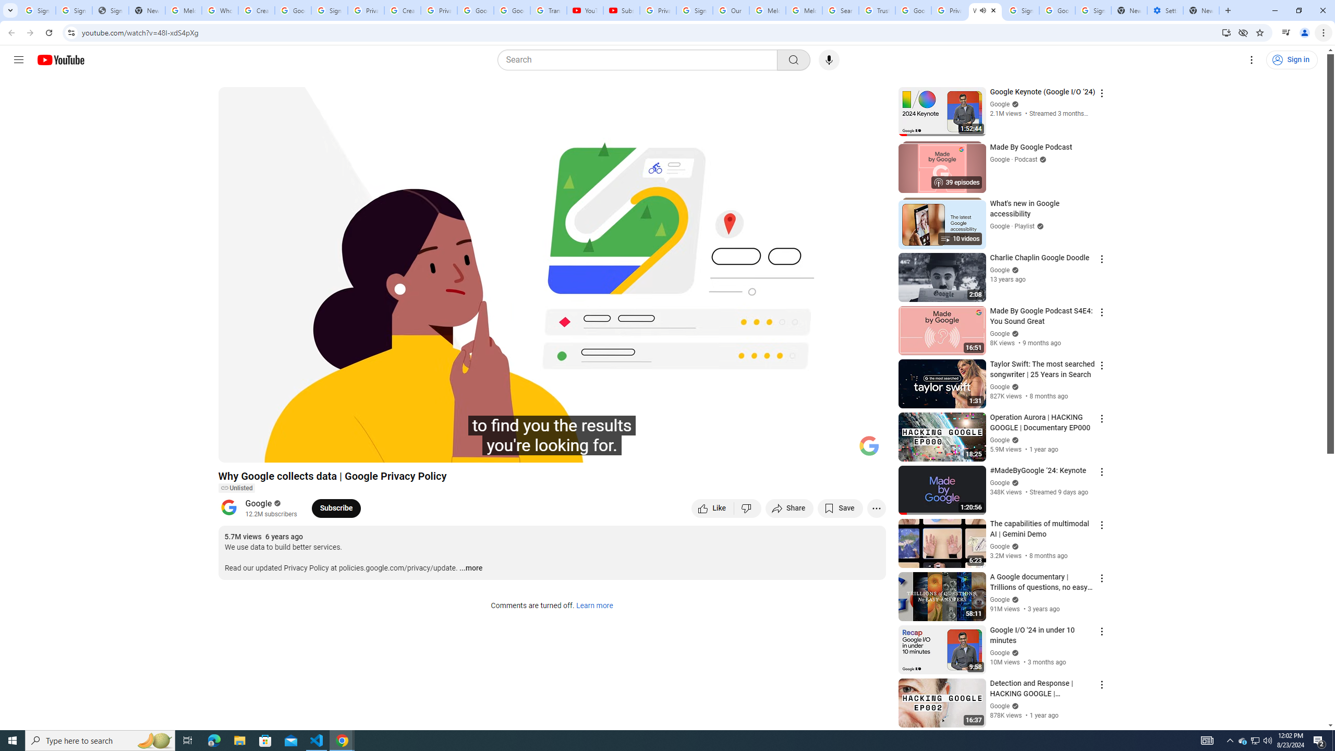 Image resolution: width=1335 pixels, height=751 pixels. Describe the element at coordinates (286, 450) in the screenshot. I see `'Mute (m)'` at that location.